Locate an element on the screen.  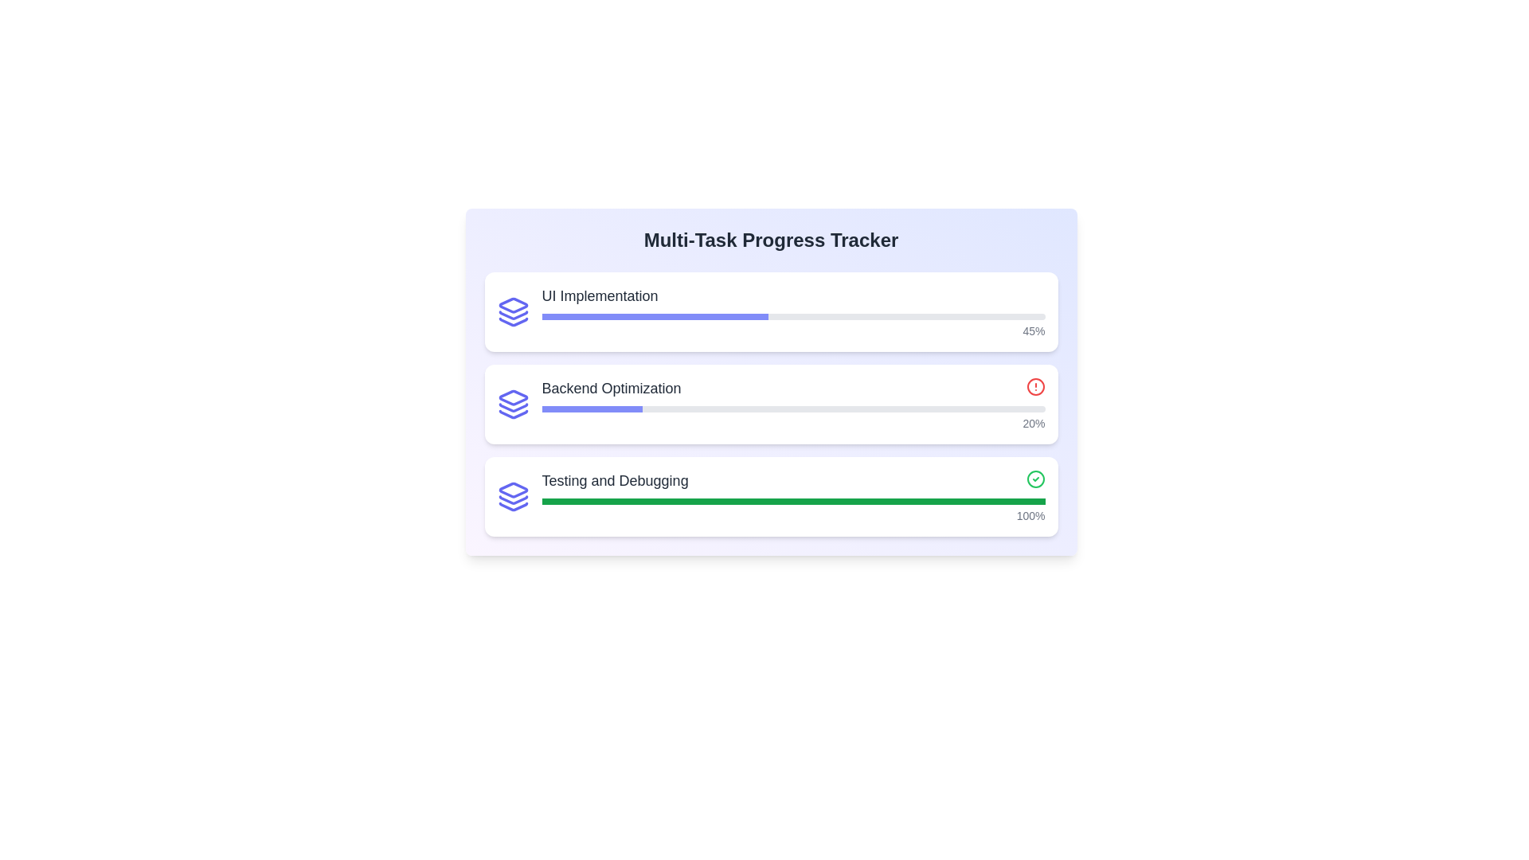
the Circle element inside the SVG graphical representation of the alert icon, which indicates a warning or error related to the 'Backend Optimization' task is located at coordinates (1035, 387).